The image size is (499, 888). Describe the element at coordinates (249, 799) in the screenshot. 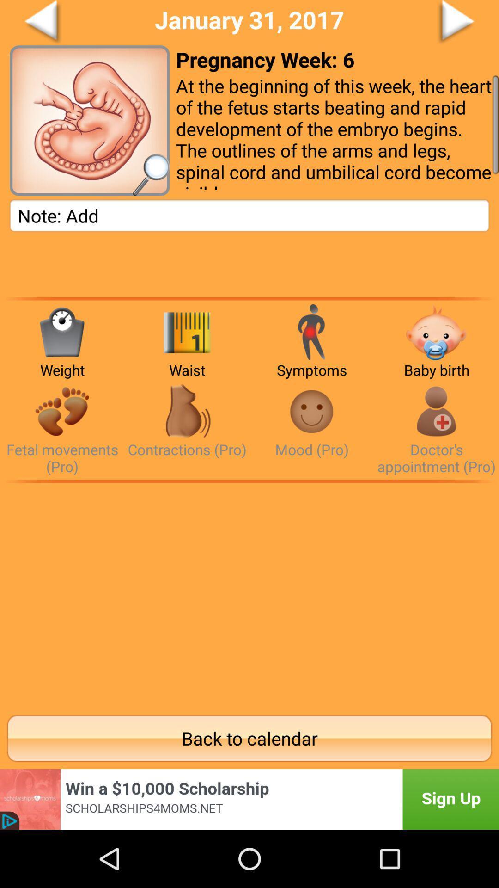

I see `advertisement` at that location.